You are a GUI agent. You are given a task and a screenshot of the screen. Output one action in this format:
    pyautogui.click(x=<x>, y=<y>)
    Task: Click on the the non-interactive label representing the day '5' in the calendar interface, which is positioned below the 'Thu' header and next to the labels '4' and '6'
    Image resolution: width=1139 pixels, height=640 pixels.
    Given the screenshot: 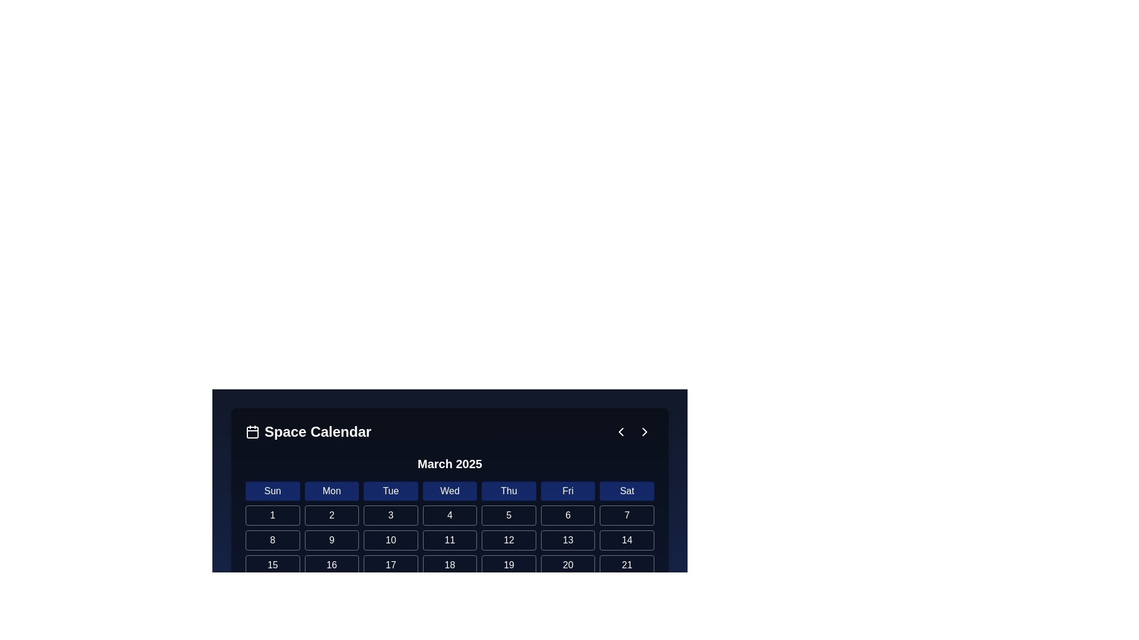 What is the action you would take?
    pyautogui.click(x=509, y=515)
    